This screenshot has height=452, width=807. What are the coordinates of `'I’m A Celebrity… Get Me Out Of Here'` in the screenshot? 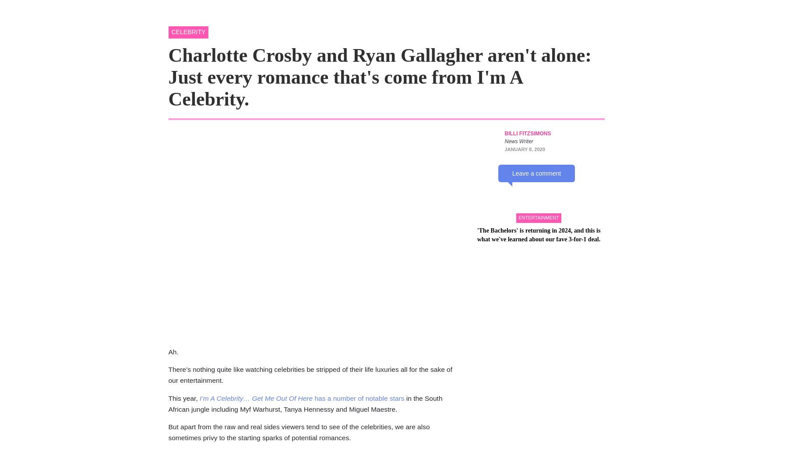 It's located at (199, 397).